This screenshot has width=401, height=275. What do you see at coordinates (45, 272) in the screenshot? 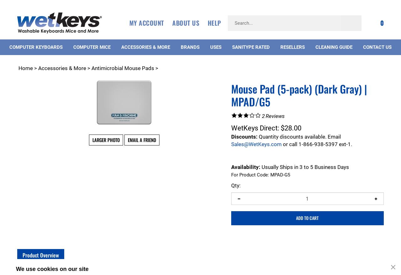
I see `'Infection Control'` at bounding box center [45, 272].